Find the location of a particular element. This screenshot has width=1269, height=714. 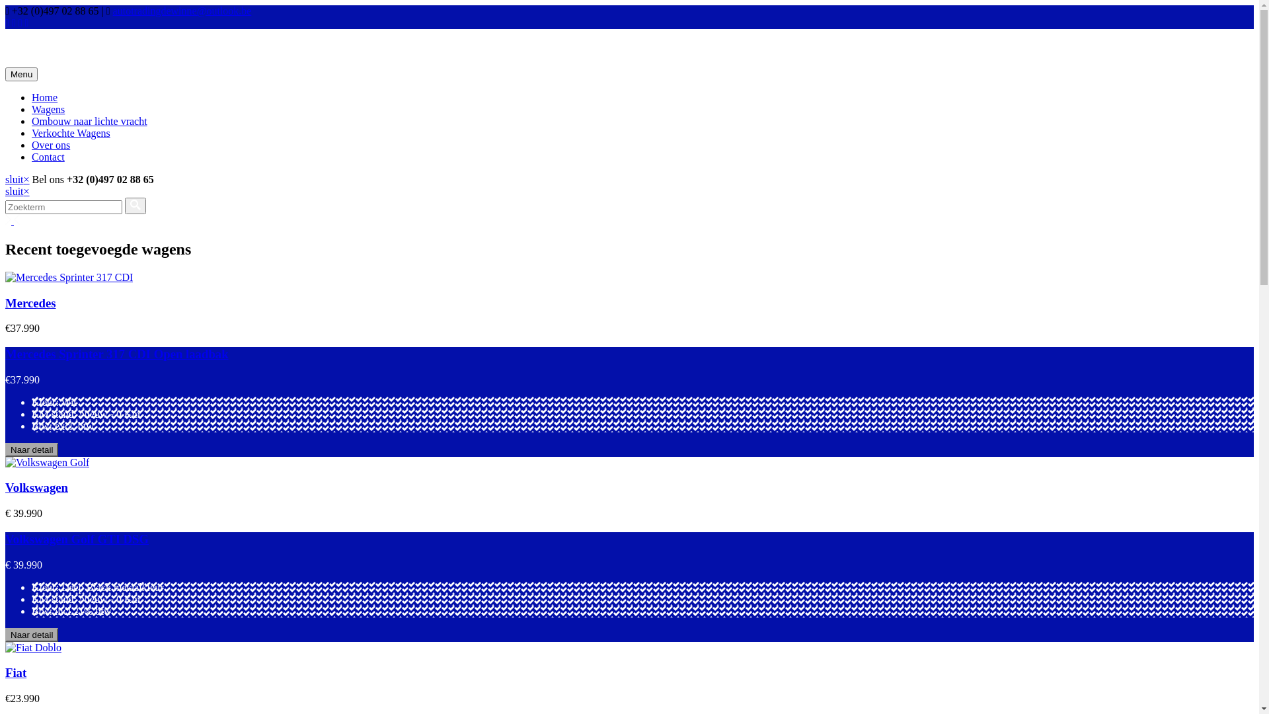

'Versturen' is located at coordinates (124, 206).